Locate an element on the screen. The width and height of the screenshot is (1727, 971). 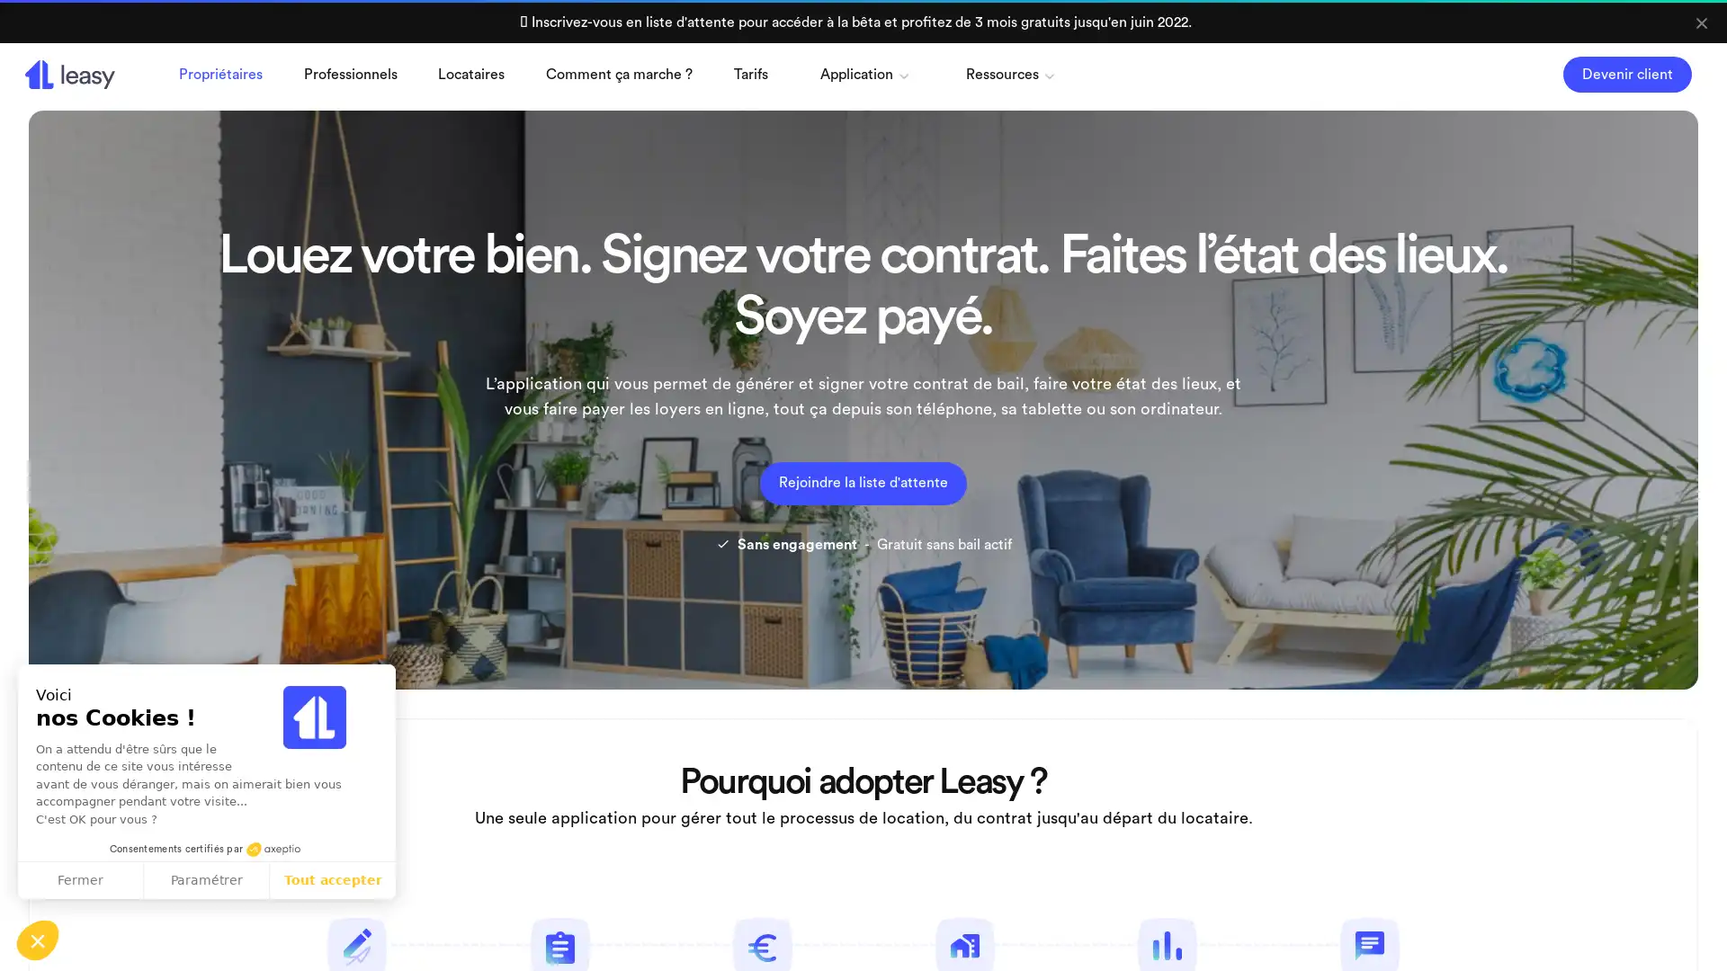
Fermer is located at coordinates (80, 879).